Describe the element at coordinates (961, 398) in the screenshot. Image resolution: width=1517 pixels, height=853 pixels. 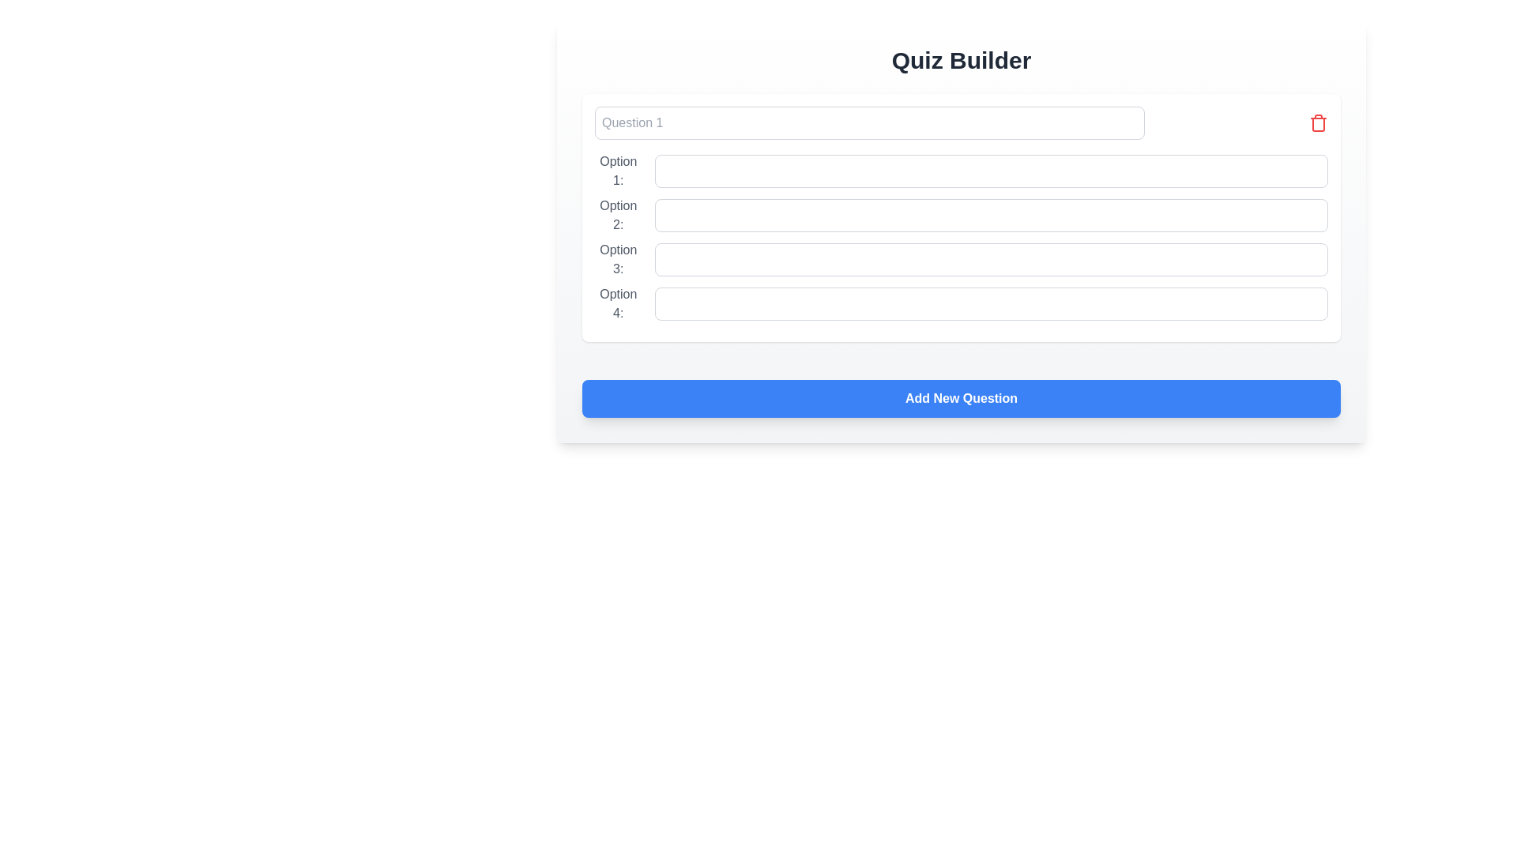
I see `the 'Add Question' button located at the bottom of the 'Quiz Builder' section` at that location.